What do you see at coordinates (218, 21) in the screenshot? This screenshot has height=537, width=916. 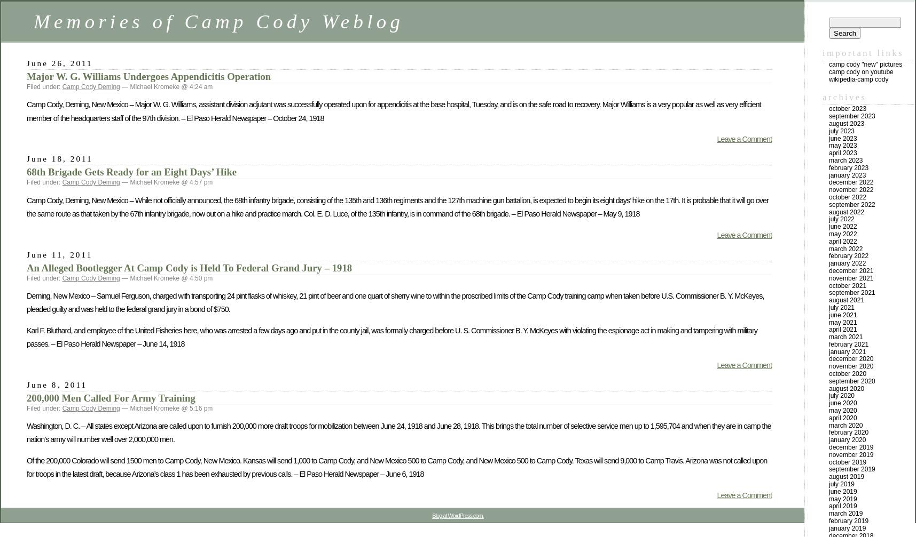 I see `'Memories of Camp Cody Weblog'` at bounding box center [218, 21].